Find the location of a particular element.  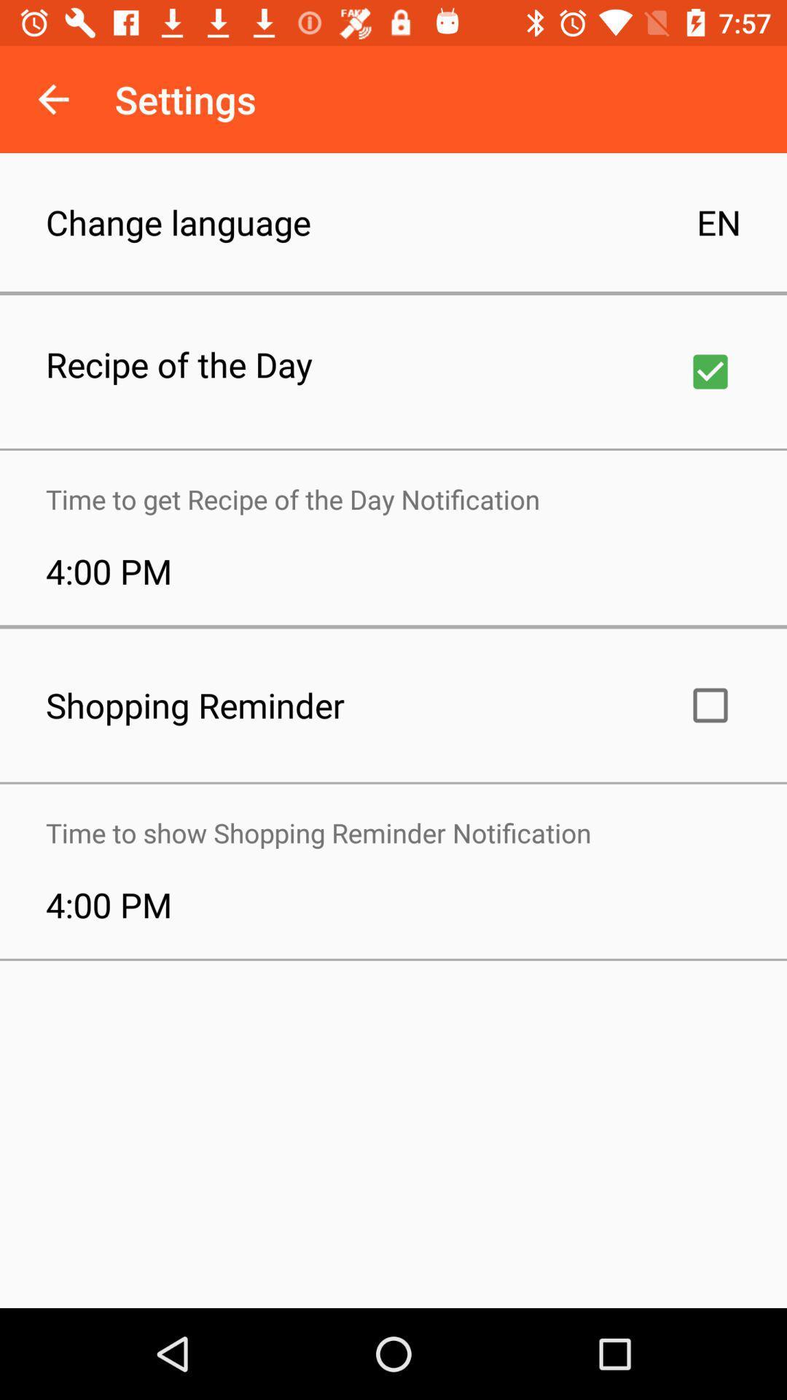

recipe checkbox is located at coordinates (710, 371).